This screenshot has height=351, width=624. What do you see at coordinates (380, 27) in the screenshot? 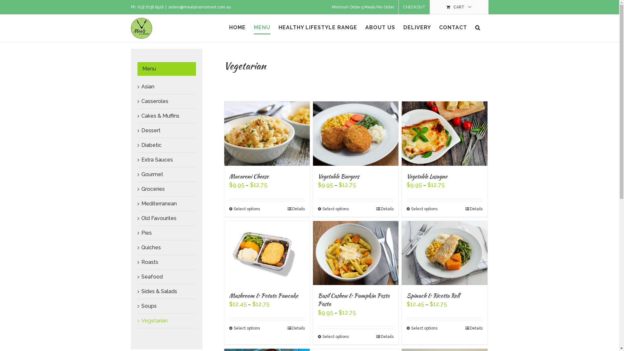
I see `'ABOUT US'` at bounding box center [380, 27].